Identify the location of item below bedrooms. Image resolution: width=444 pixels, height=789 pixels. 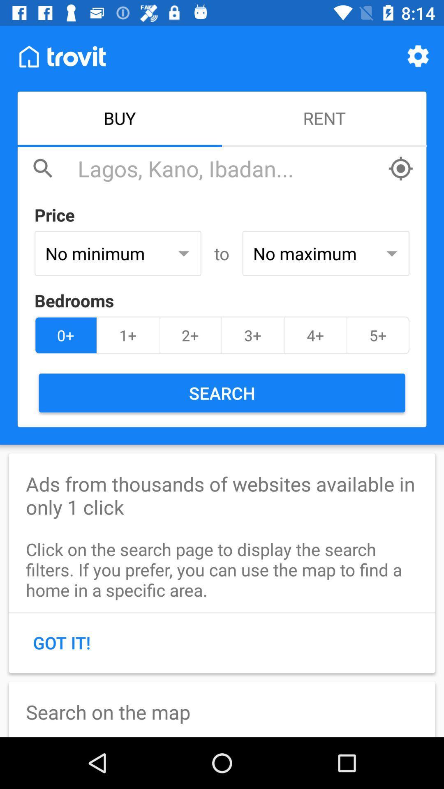
(315, 335).